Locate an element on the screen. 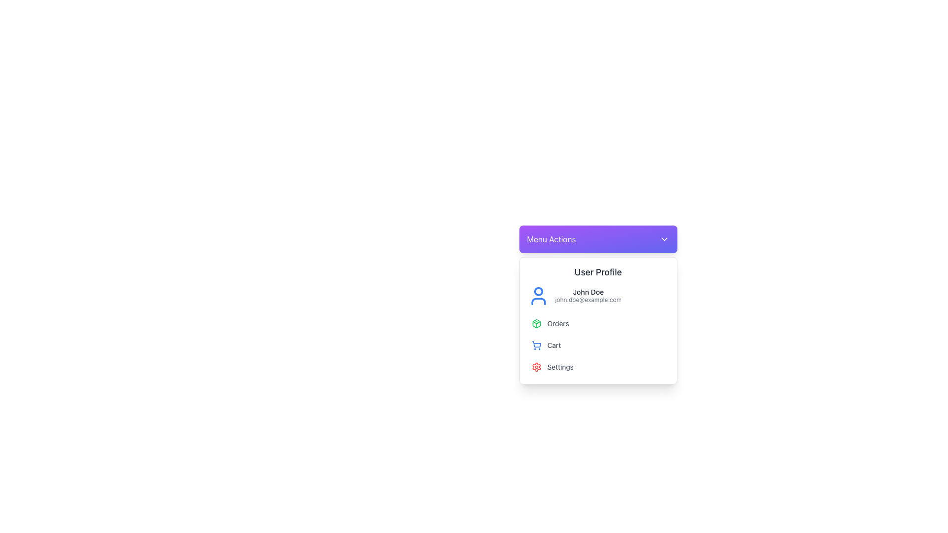 This screenshot has height=533, width=948. the 'Settings' text label, which is the last option in the interactive list item, aligned with a gear icon to its left, for additional information is located at coordinates (560, 367).